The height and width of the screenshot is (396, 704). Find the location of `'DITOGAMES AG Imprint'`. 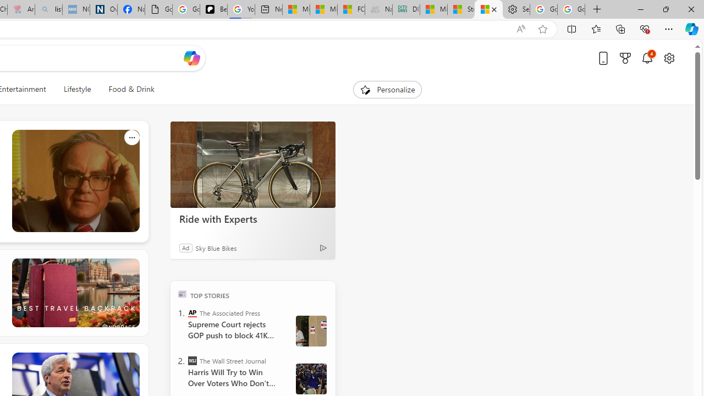

'DITOGAMES AG Imprint' is located at coordinates (405, 9).